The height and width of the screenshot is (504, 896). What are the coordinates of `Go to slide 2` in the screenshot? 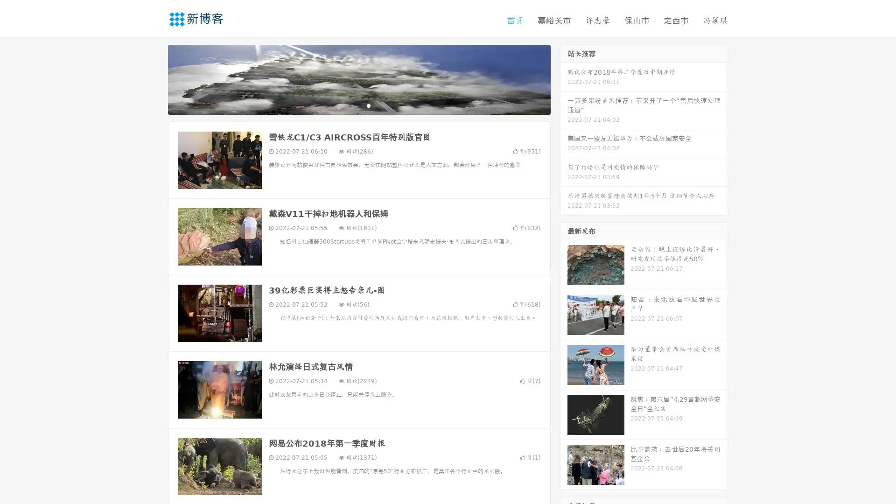 It's located at (358, 105).